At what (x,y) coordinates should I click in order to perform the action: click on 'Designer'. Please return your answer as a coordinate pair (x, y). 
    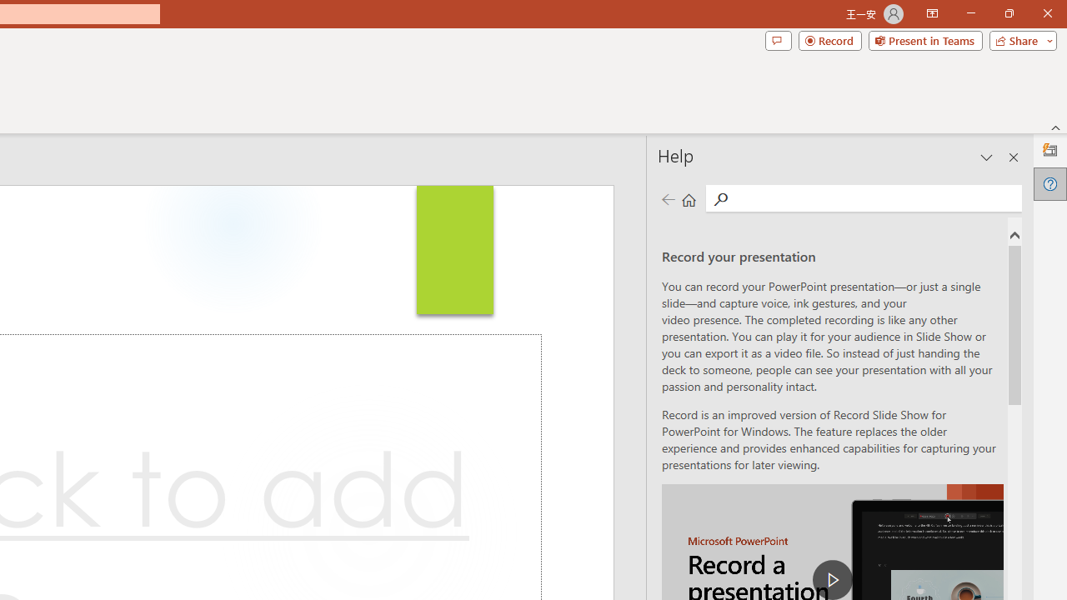
    Looking at the image, I should click on (1049, 151).